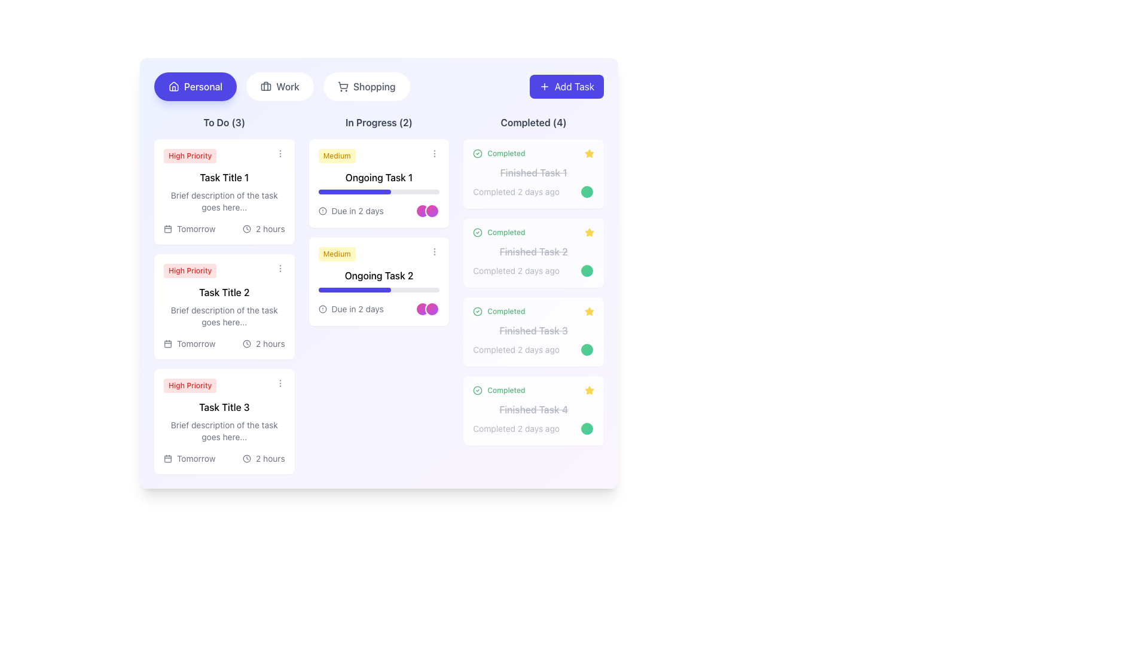  Describe the element at coordinates (167, 458) in the screenshot. I see `the calendar icon element within the 'To Do' task card titled 'Task Title 3'` at that location.